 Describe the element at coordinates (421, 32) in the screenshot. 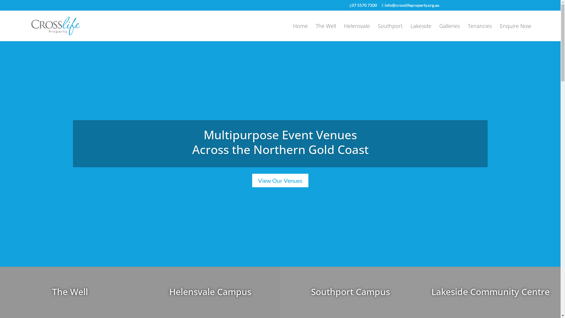

I see `'Lakeside'` at that location.